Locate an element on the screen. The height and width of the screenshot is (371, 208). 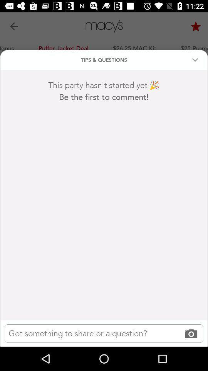
text is located at coordinates (104, 333).